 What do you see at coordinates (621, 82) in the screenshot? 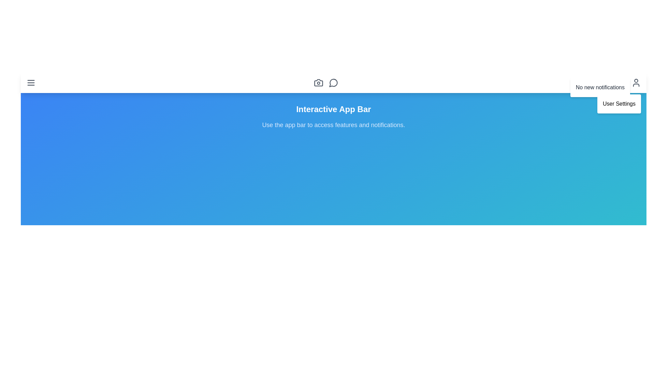
I see `the bell icon to toggle the visibility of the notifications panel` at bounding box center [621, 82].